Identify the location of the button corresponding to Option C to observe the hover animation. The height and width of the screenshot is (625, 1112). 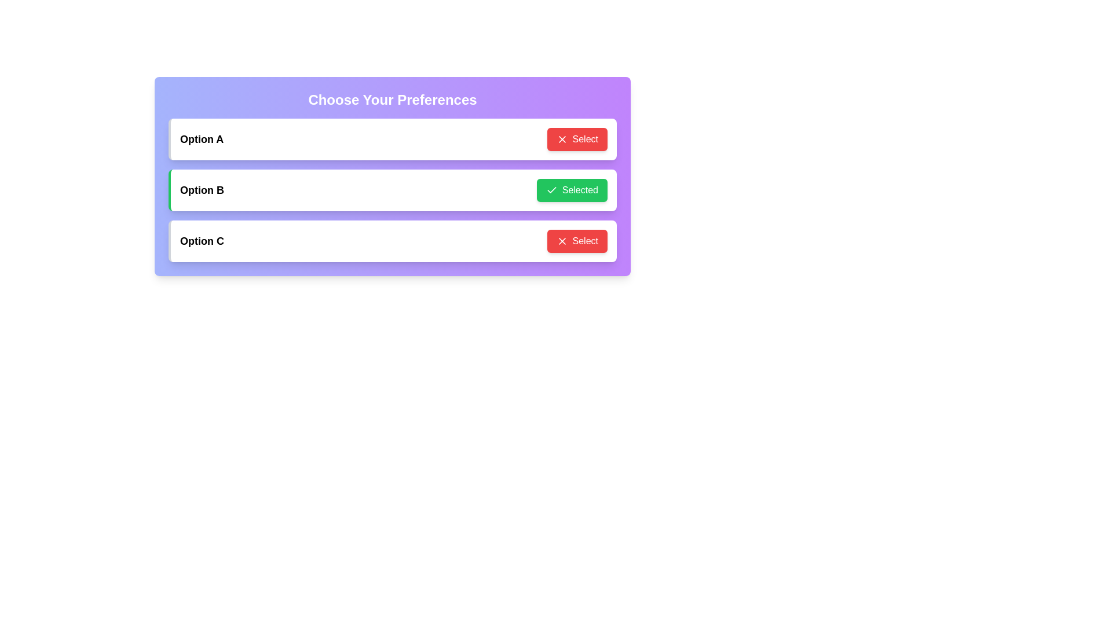
(577, 240).